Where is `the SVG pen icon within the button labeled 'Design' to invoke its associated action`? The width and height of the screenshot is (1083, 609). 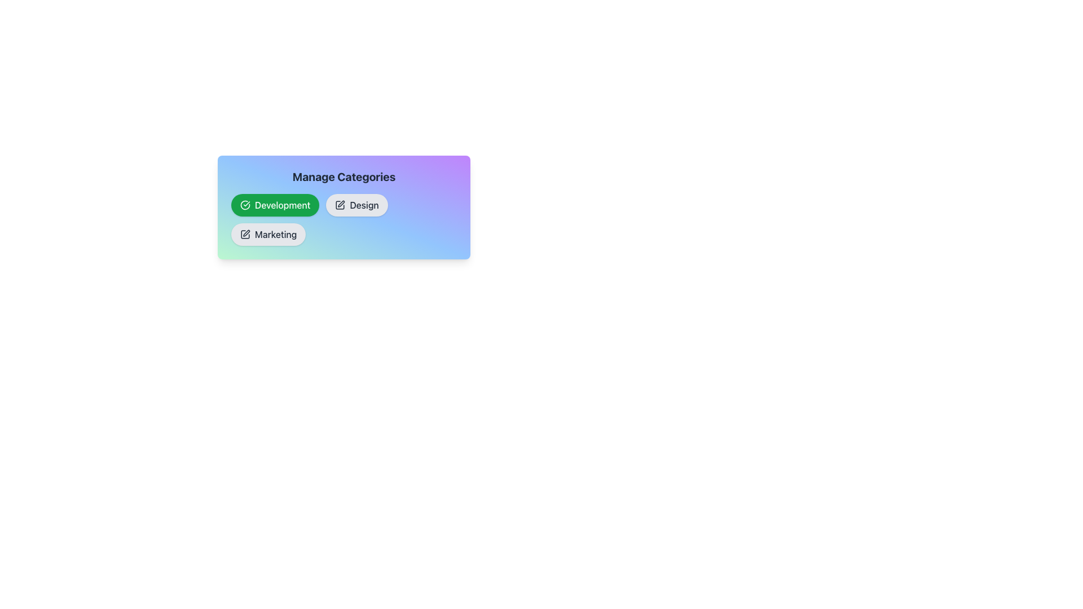 the SVG pen icon within the button labeled 'Design' to invoke its associated action is located at coordinates (340, 205).